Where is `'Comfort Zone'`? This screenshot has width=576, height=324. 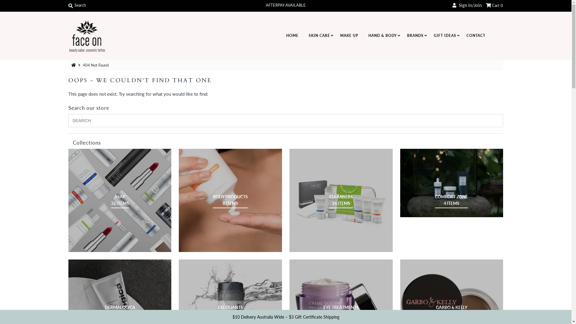
'Comfort Zone' is located at coordinates (400, 182).